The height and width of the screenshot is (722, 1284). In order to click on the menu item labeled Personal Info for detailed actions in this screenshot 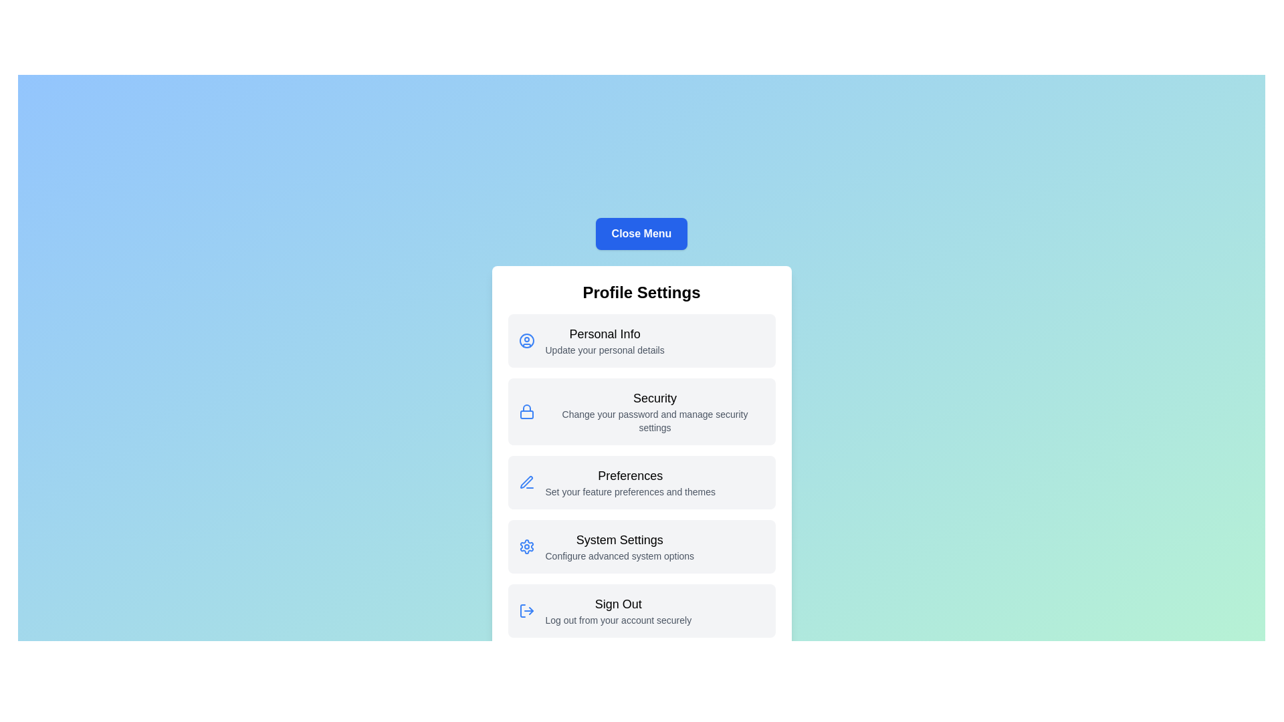, I will do `click(641, 340)`.